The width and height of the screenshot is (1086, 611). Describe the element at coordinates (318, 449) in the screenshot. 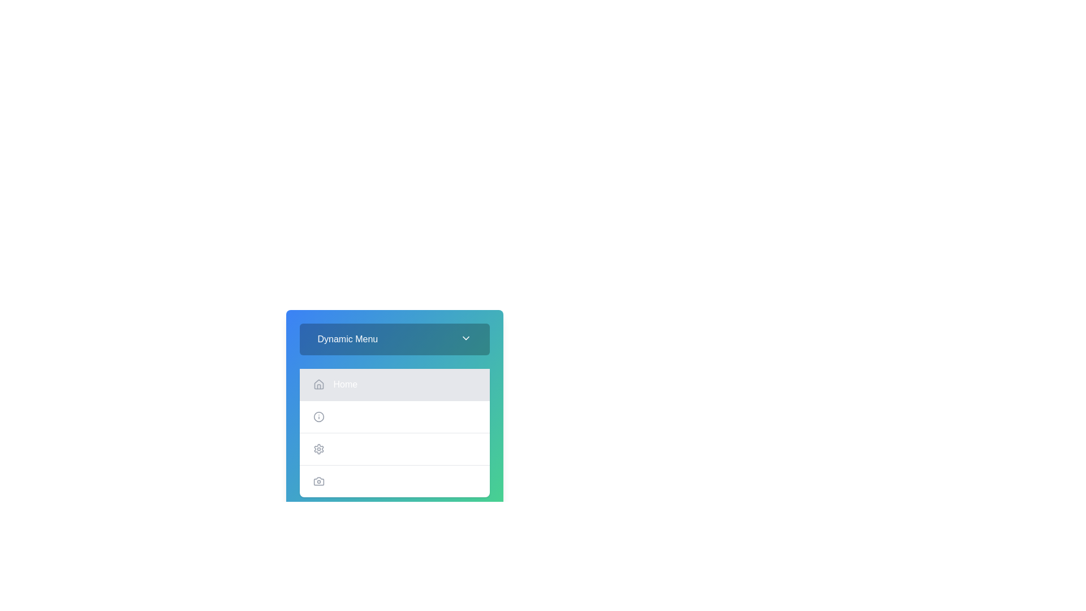

I see `the settings icon in the dropdown menu` at that location.